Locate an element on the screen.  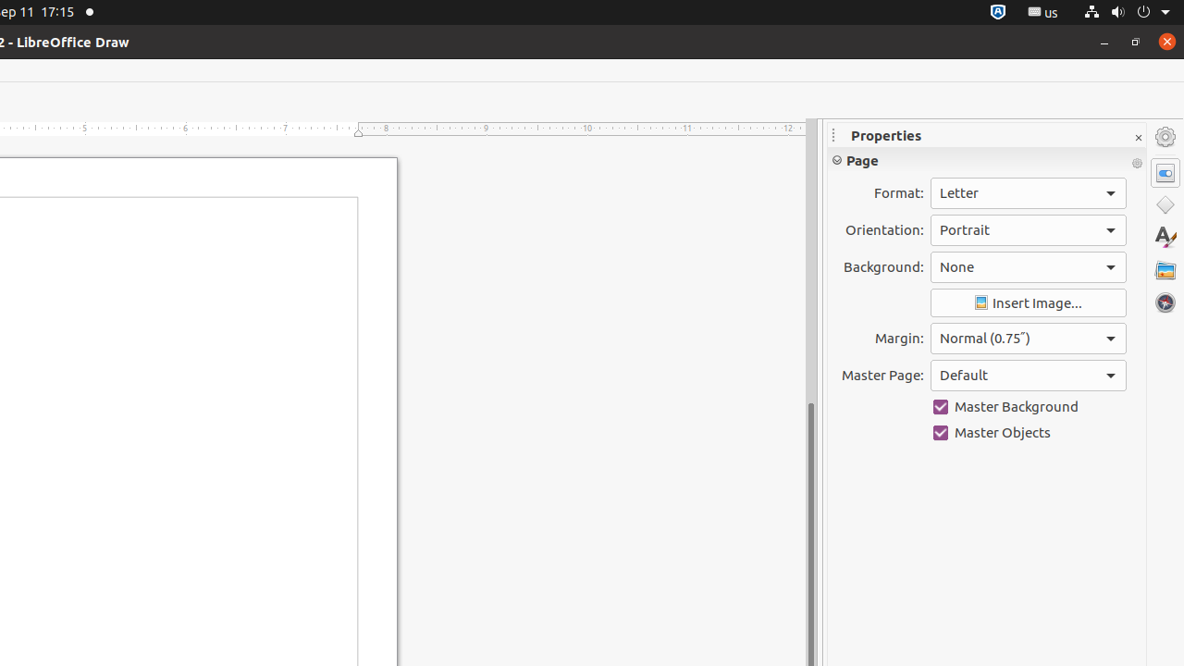
'Insert Image' is located at coordinates (1027, 302).